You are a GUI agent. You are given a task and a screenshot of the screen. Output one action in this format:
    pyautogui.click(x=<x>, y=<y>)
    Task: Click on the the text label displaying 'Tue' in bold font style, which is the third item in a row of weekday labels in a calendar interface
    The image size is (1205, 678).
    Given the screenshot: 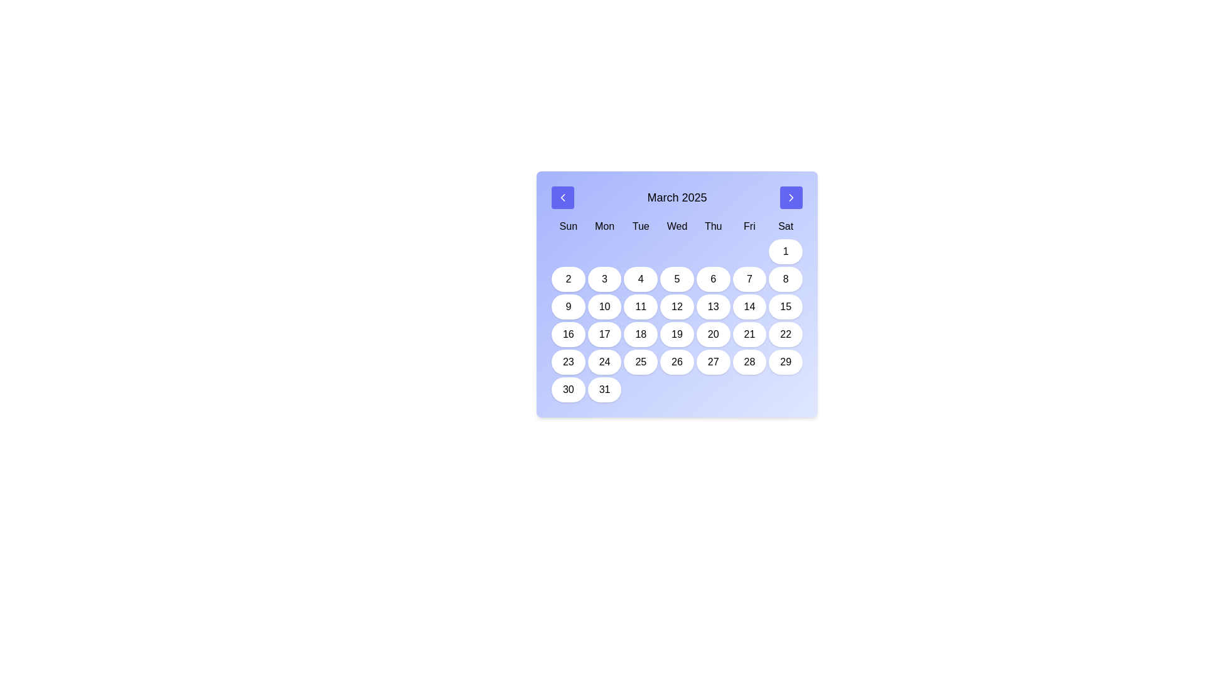 What is the action you would take?
    pyautogui.click(x=641, y=227)
    